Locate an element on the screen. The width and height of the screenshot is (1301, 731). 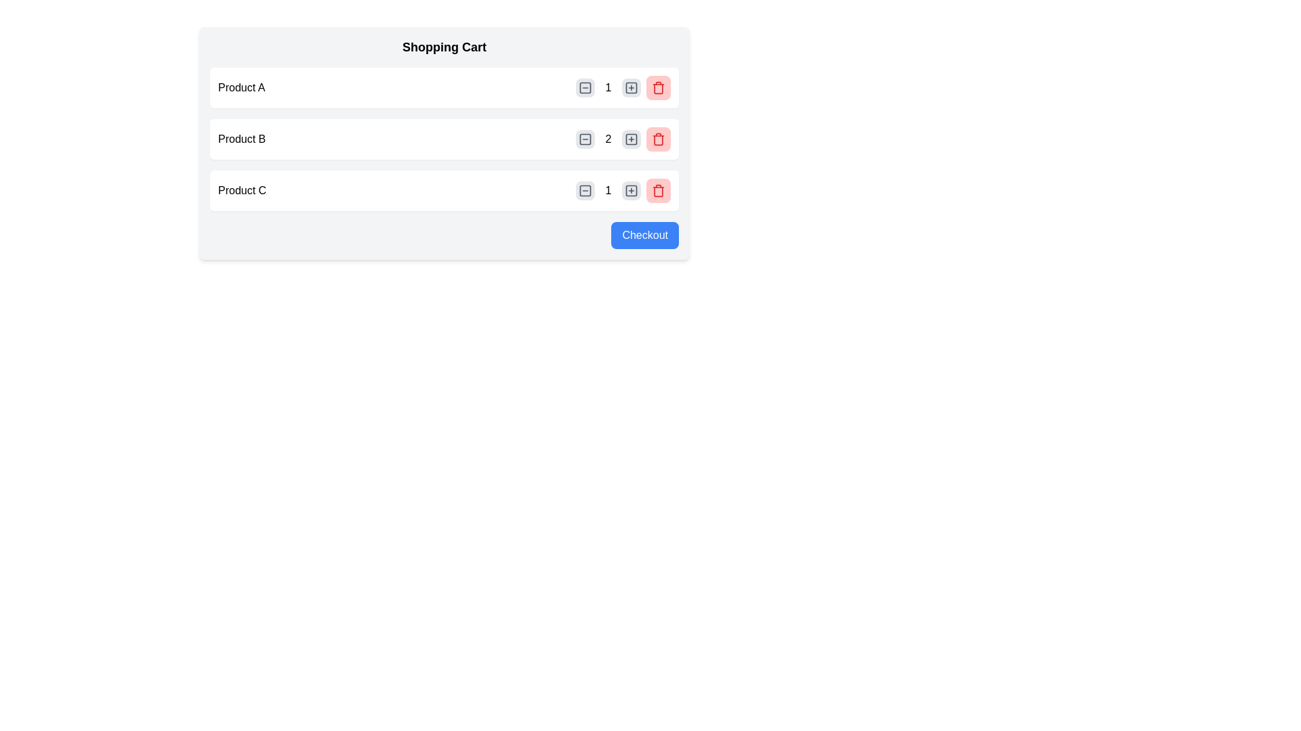
the button with a '-' symbol in the center, styled with a dark gray outline, located in the leftmost section of the horizontal control group for 'Product C' is located at coordinates (585, 190).